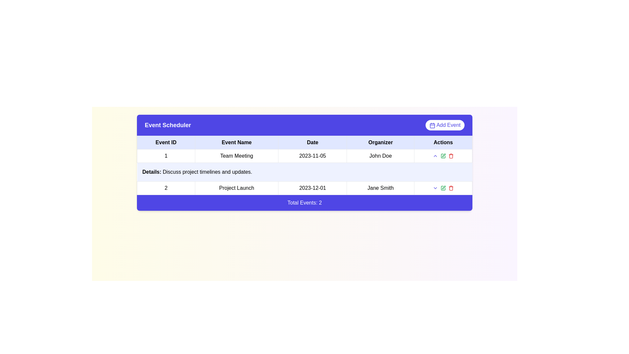 The height and width of the screenshot is (354, 629). What do you see at coordinates (445, 125) in the screenshot?
I see `the 'Add Event' button, which is a rounded rectangular button with a white background and indigo text, located on the far-right side of the 'Event Scheduler' header bar` at bounding box center [445, 125].